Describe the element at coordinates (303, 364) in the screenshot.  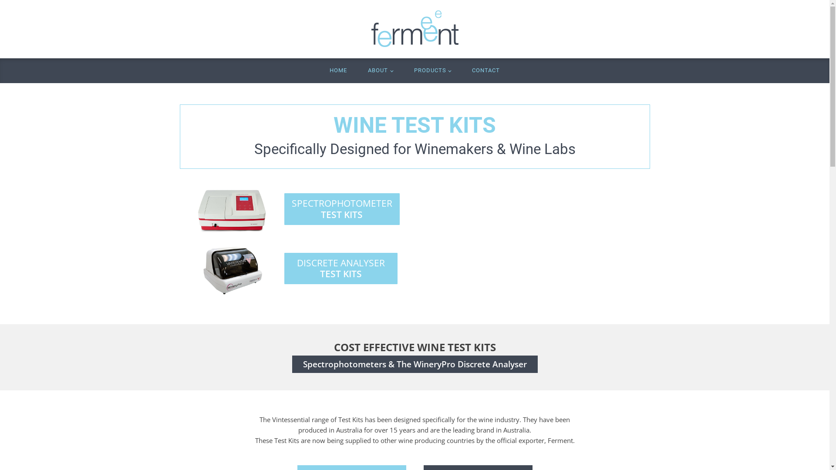
I see `'Spectrophotometers'` at that location.